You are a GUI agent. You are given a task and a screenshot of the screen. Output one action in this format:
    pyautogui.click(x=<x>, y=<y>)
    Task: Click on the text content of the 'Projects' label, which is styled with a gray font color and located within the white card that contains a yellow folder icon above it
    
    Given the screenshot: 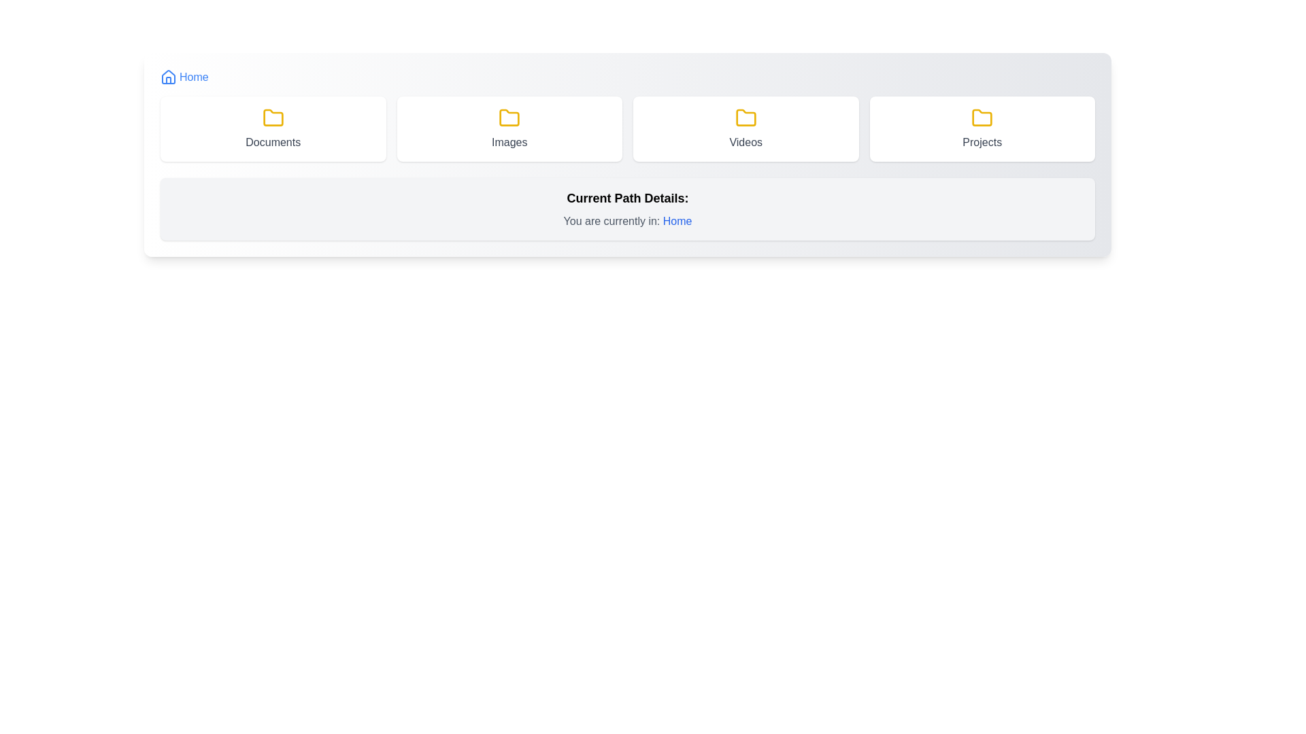 What is the action you would take?
    pyautogui.click(x=982, y=142)
    